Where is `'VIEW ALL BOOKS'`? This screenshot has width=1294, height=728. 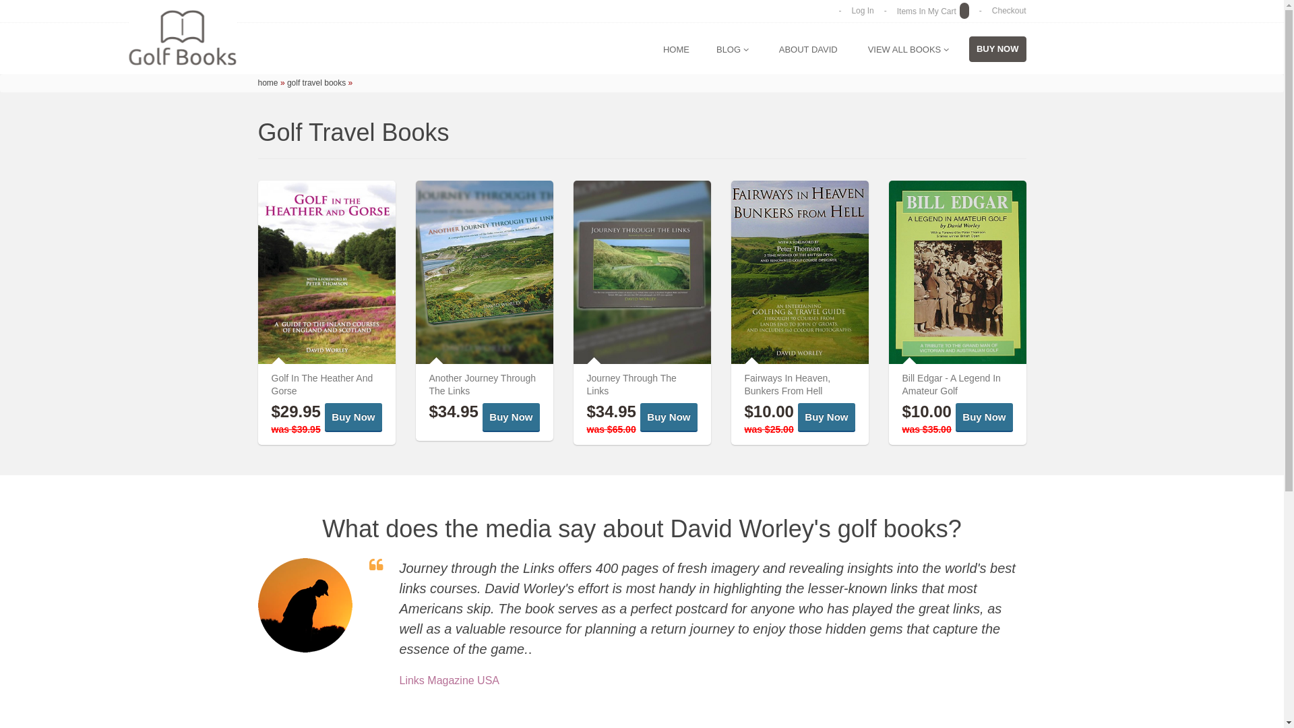 'VIEW ALL BOOKS' is located at coordinates (908, 49).